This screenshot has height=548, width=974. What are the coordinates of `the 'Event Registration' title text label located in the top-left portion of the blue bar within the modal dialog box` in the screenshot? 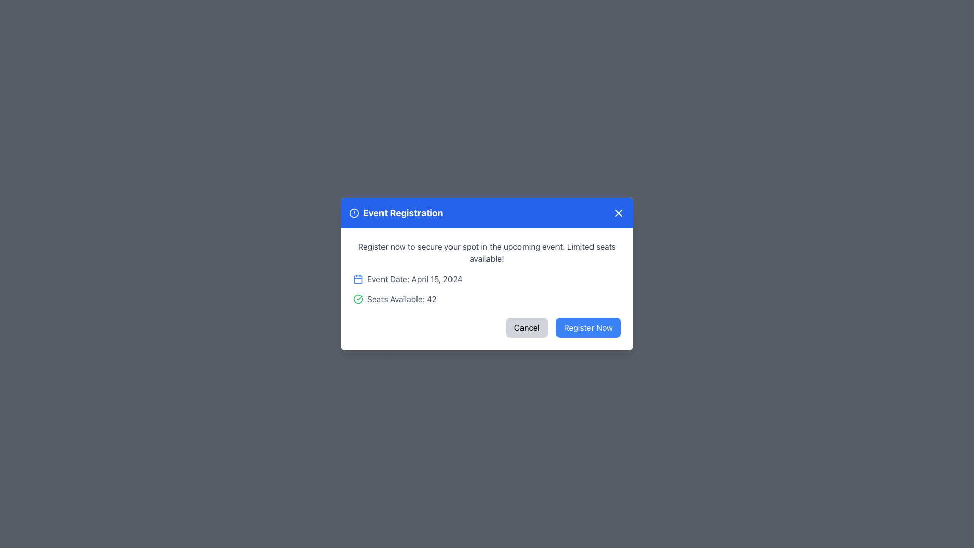 It's located at (395, 213).